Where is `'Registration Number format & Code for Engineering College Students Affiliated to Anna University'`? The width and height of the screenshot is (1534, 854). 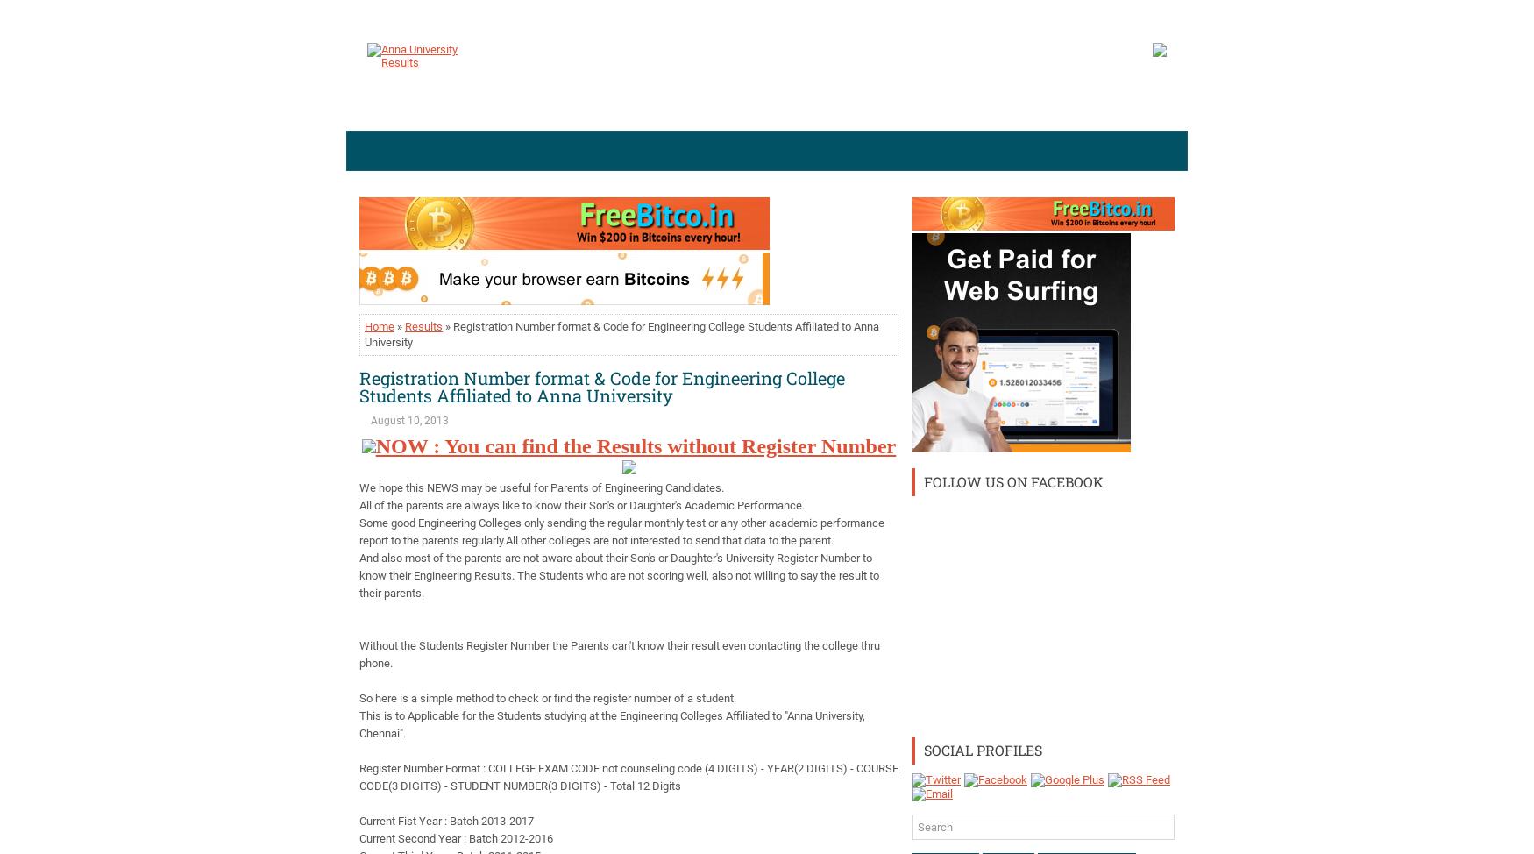
'Registration Number format & Code for Engineering College Students Affiliated to Anna University' is located at coordinates (601, 386).